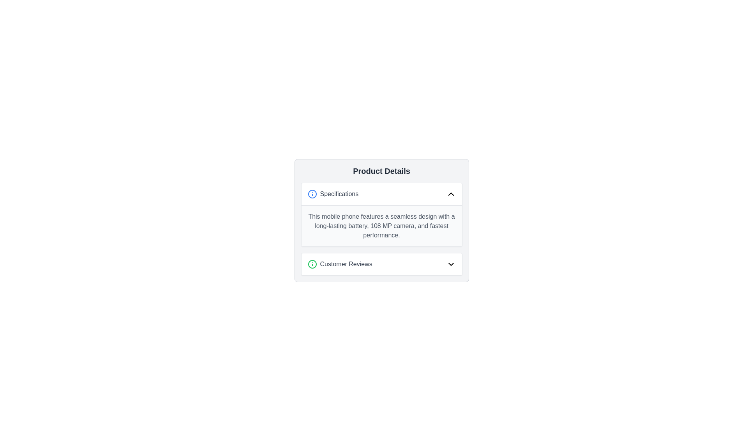 Image resolution: width=748 pixels, height=421 pixels. I want to click on the label titled 'Specifications' which is centered in the card with the header 'Product Details'. This label precedes the section for 'Customer Reviews', so click(333, 193).